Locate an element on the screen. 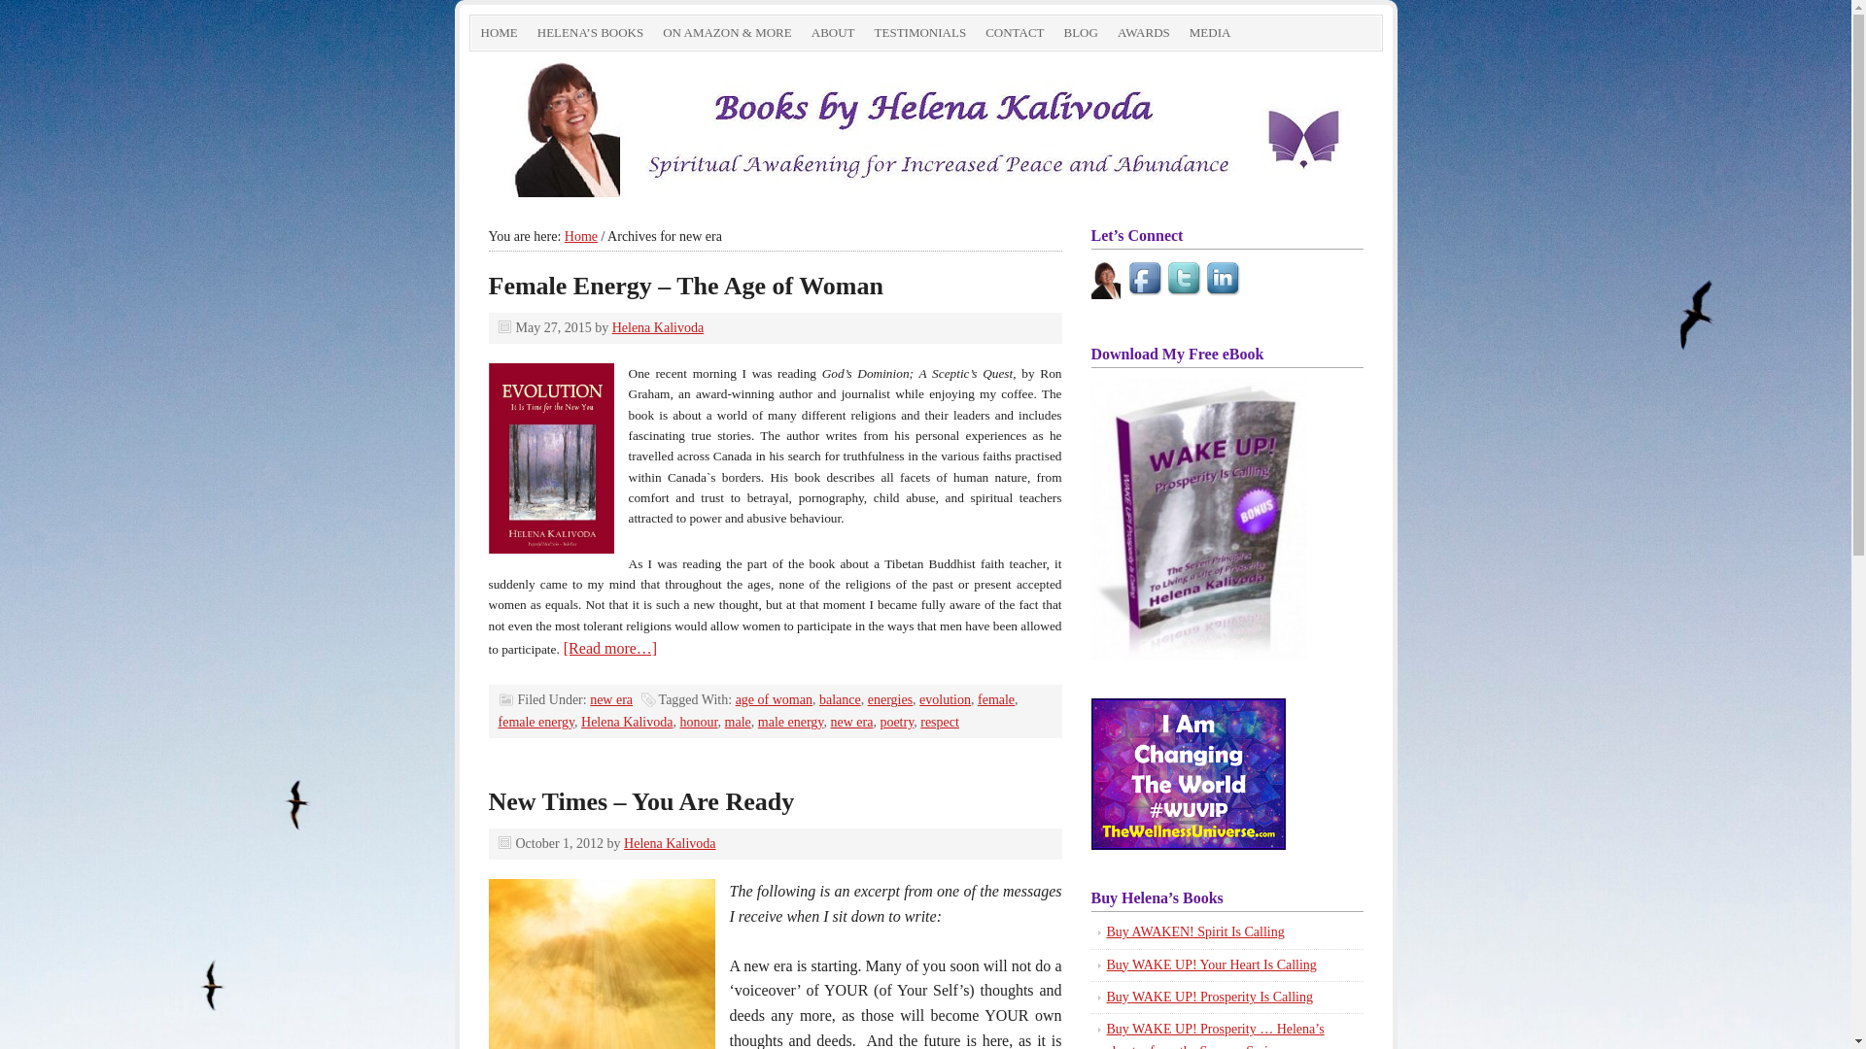 The height and width of the screenshot is (1049, 1866). 'BLOG' is located at coordinates (1079, 33).